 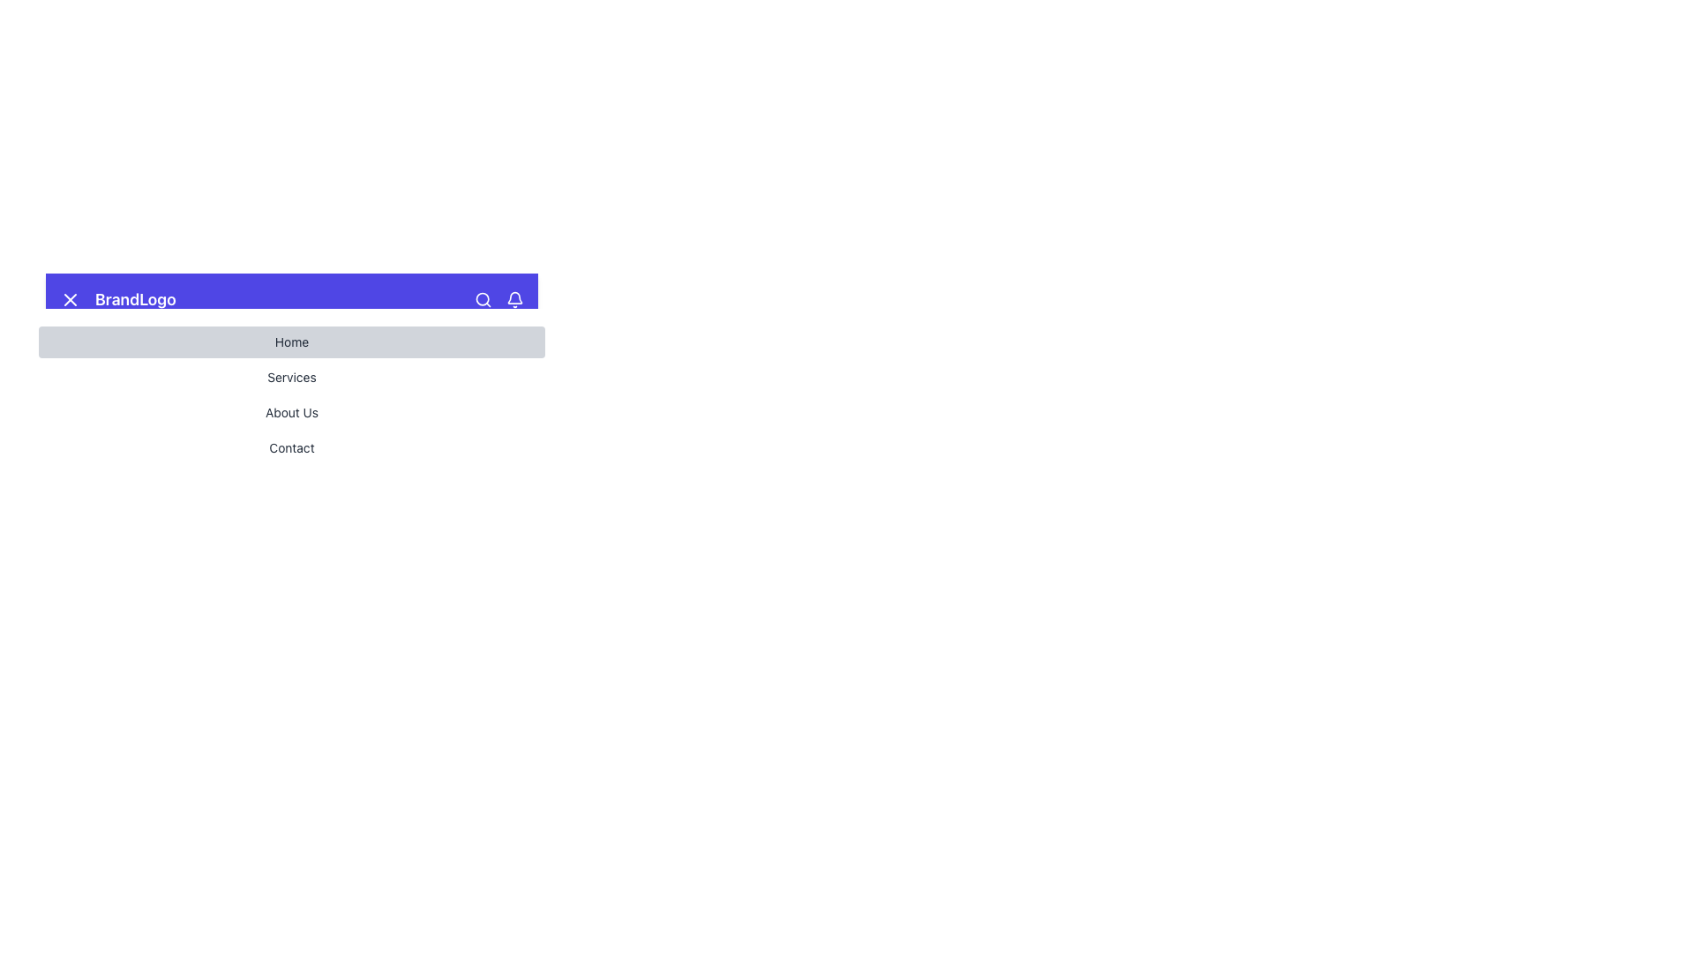 What do you see at coordinates (134, 298) in the screenshot?
I see `the static text element displaying the brand name or logo located in the left half of the purple header bar` at bounding box center [134, 298].